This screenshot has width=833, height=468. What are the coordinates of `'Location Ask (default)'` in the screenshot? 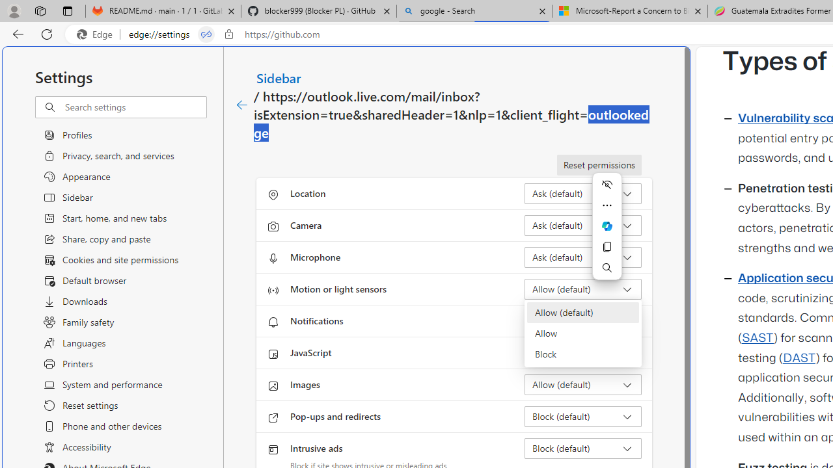 It's located at (582, 194).